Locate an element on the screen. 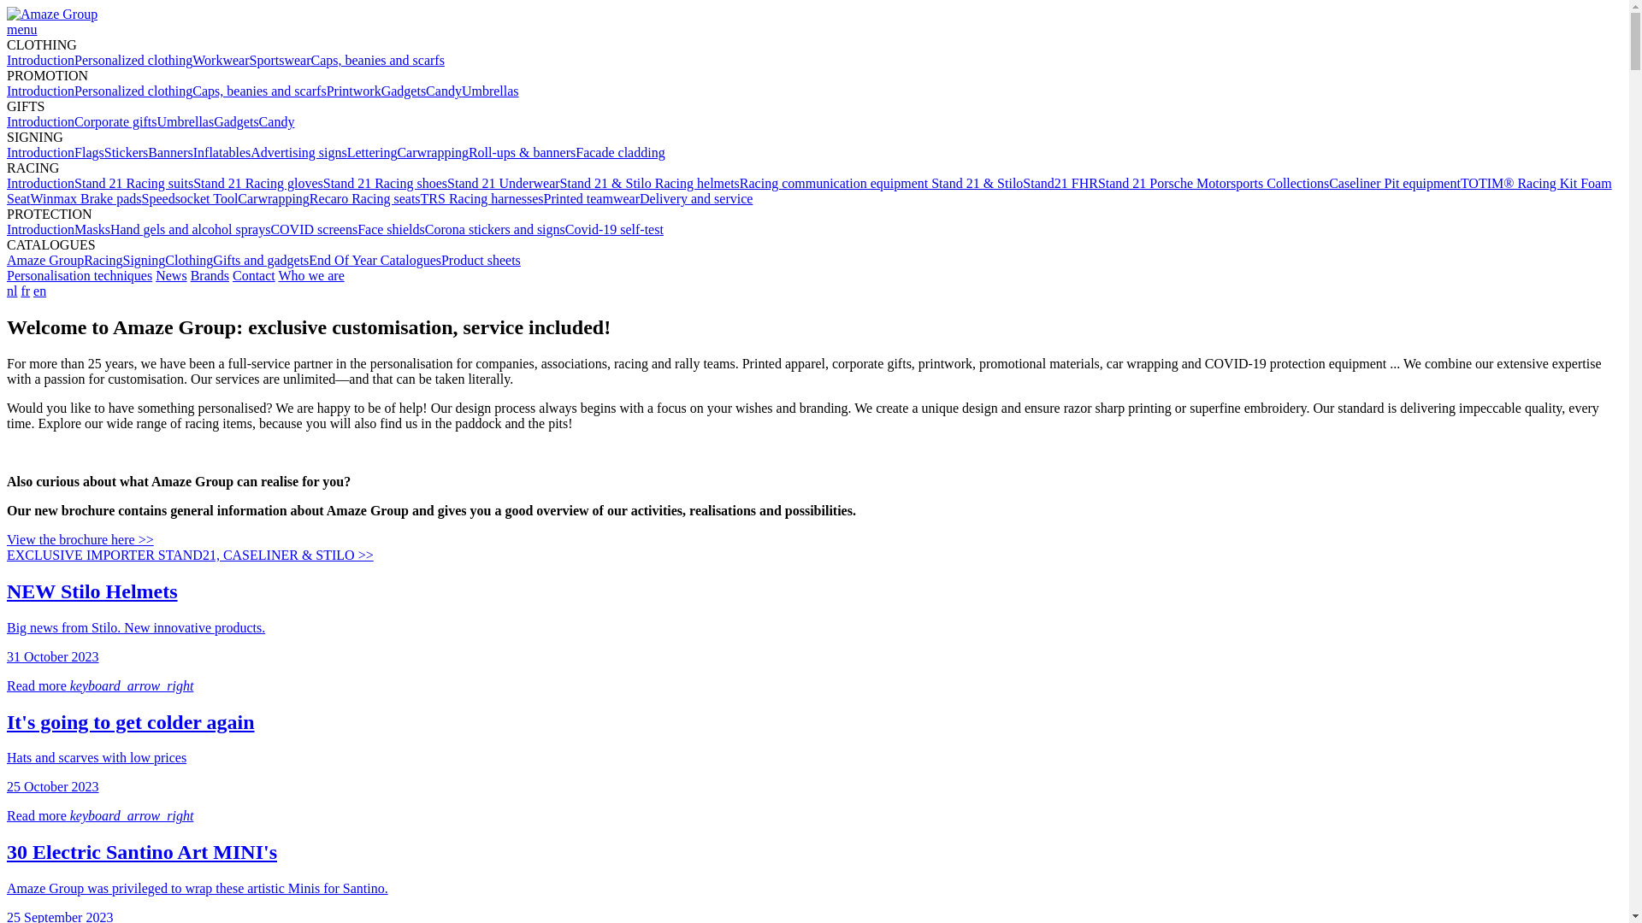  'Recaro Racing seats' is located at coordinates (309, 197).